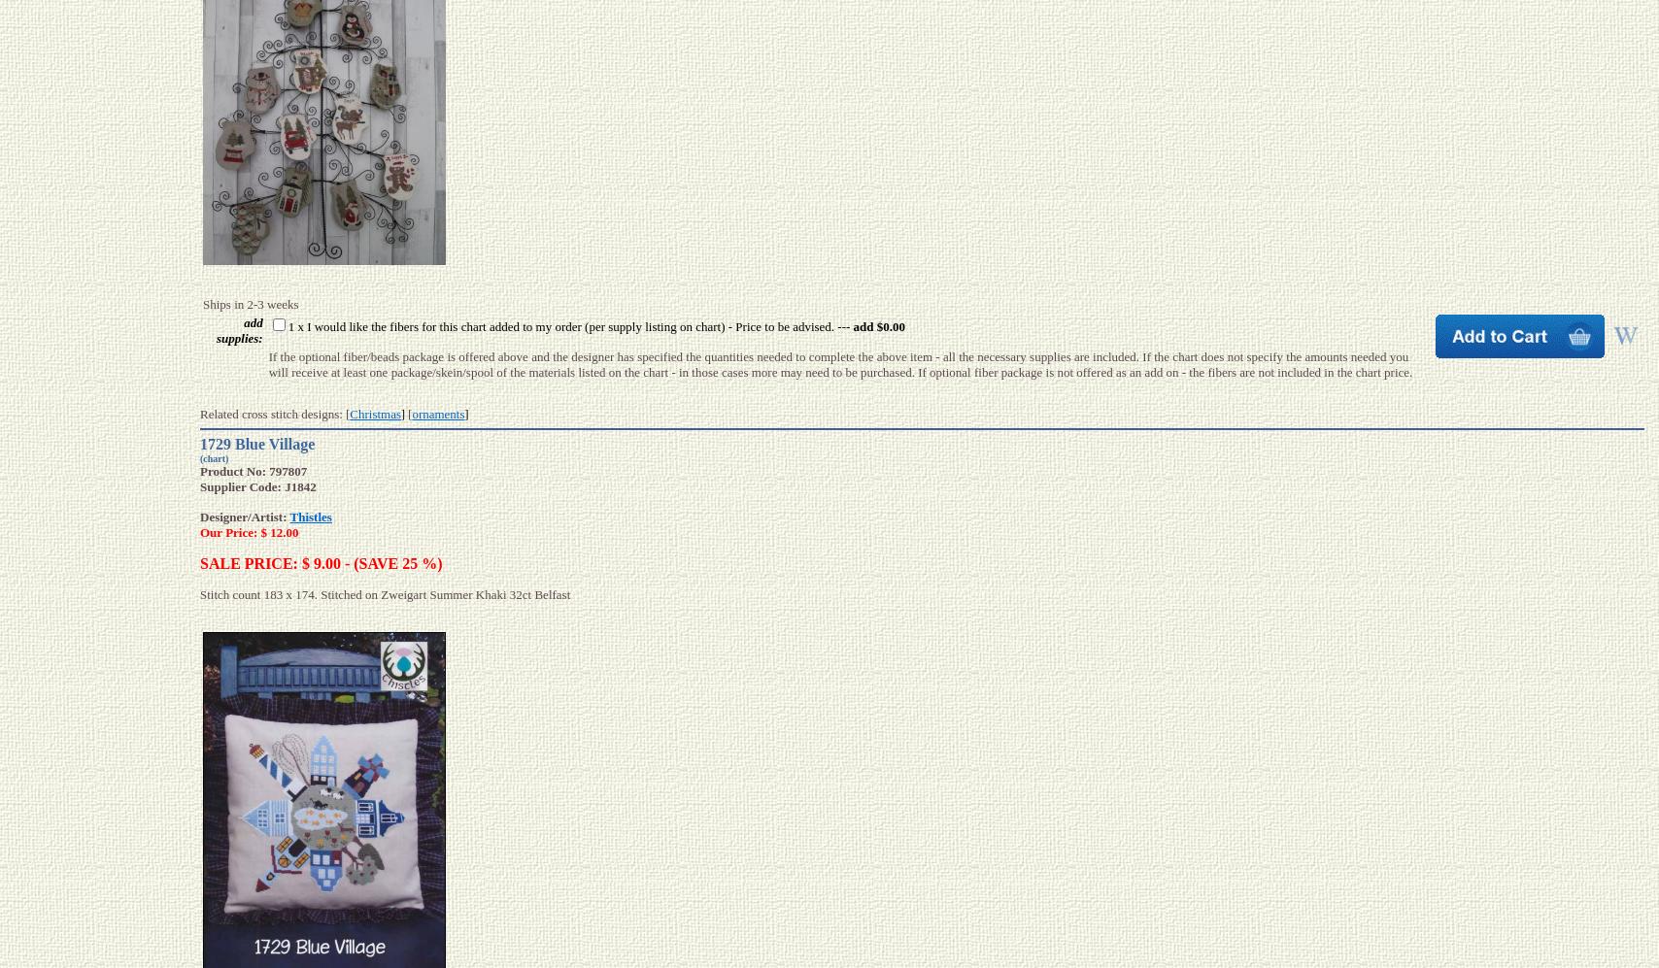  I want to click on 'Thistles', so click(310, 516).